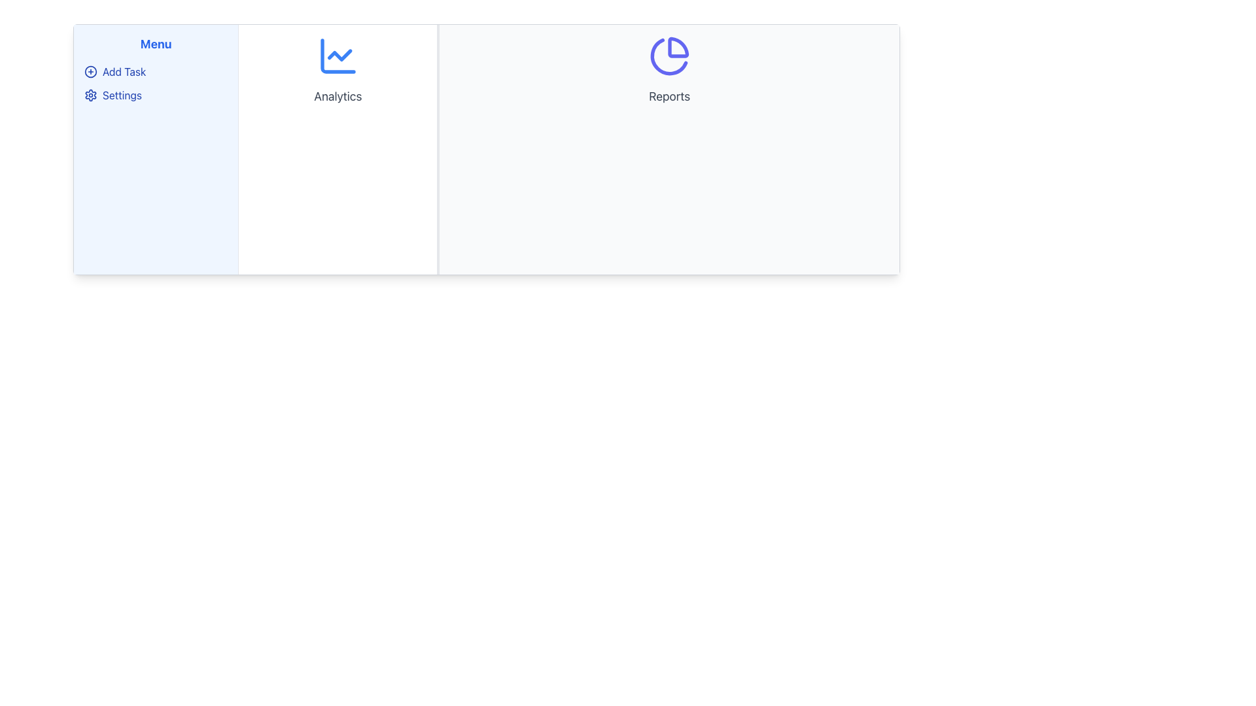 The image size is (1256, 706). Describe the element at coordinates (90, 72) in the screenshot. I see `the SVG Circle icon located near the top left of the vertical menu, adjacent to the 'Add Task' label` at that location.